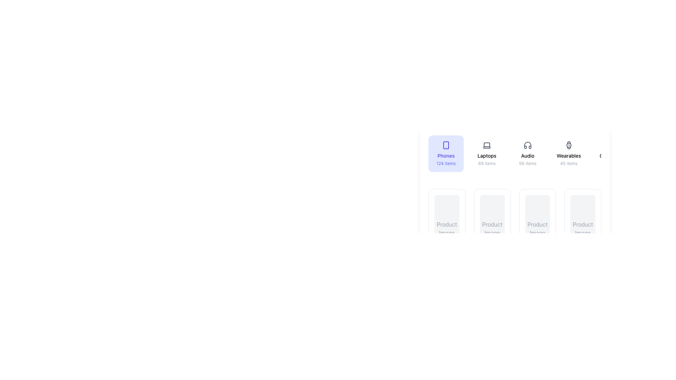  What do you see at coordinates (492, 229) in the screenshot?
I see `the text label indicating the placeholder for the product image in the second product card of the grid layout` at bounding box center [492, 229].